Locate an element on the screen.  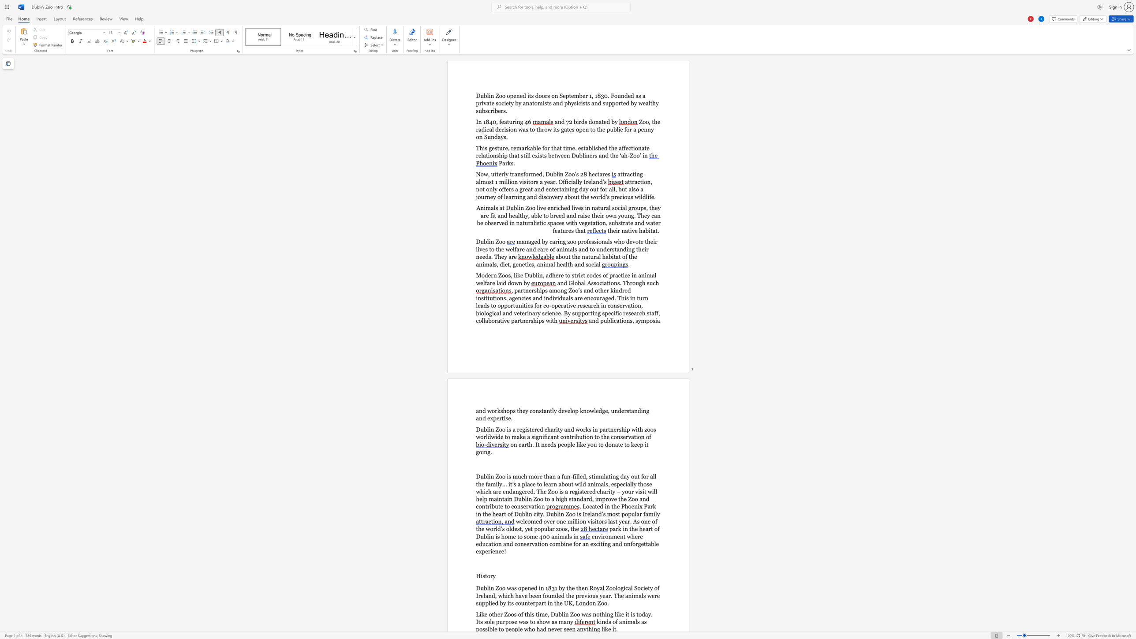
the subset text "but al" within the text "a great and entertaining day out for all, but also a journey of learning and discovery about the world’s precious wildlife" is located at coordinates (618, 189).